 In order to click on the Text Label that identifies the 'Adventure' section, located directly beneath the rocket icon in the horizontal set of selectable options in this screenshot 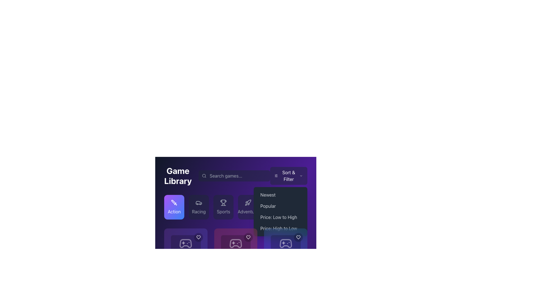, I will do `click(248, 211)`.